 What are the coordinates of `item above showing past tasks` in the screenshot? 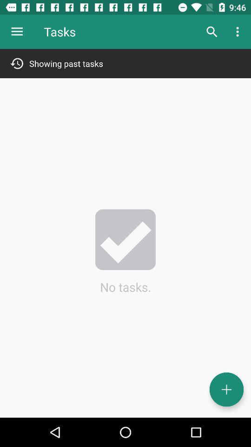 It's located at (211, 32).